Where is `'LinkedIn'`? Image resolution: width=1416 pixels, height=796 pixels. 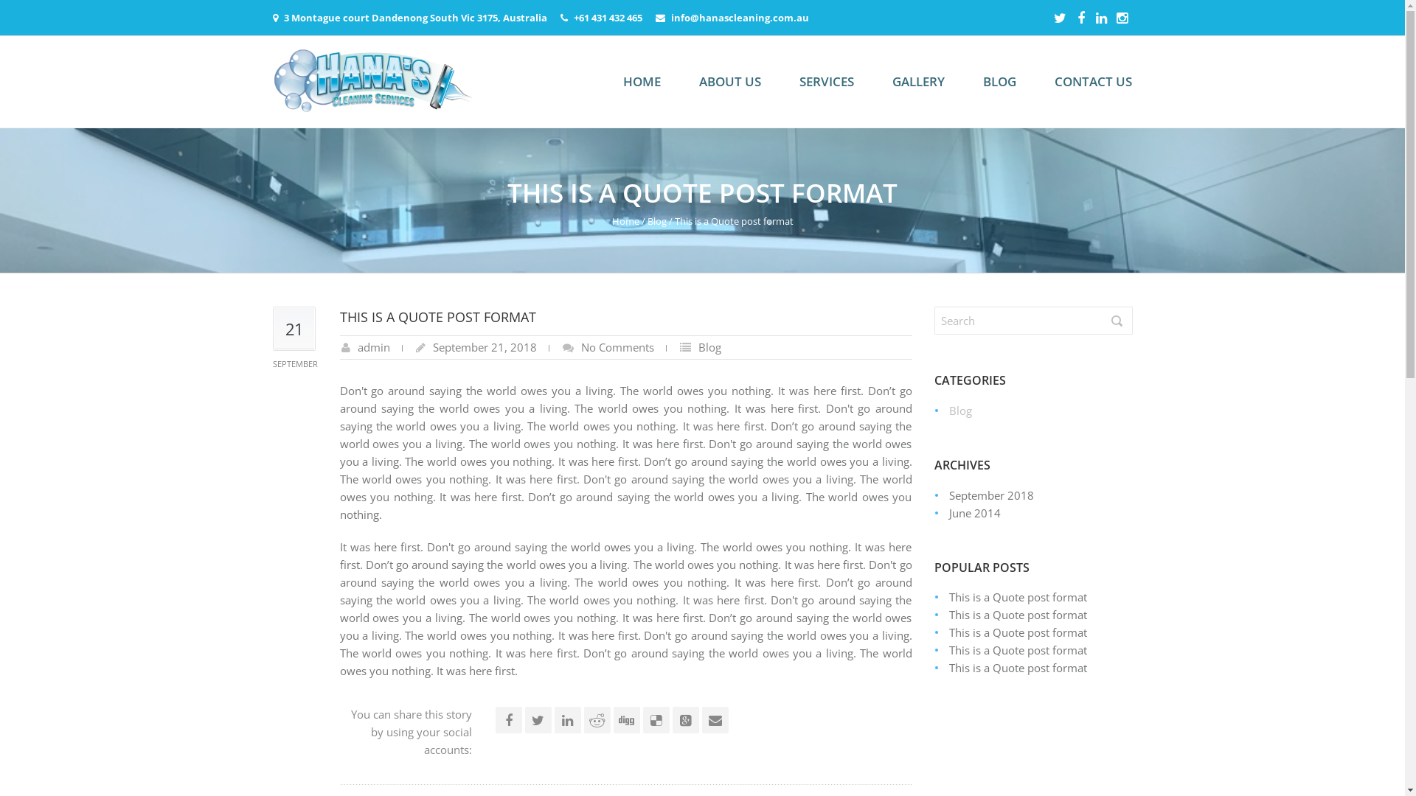
'LinkedIn' is located at coordinates (1101, 17).